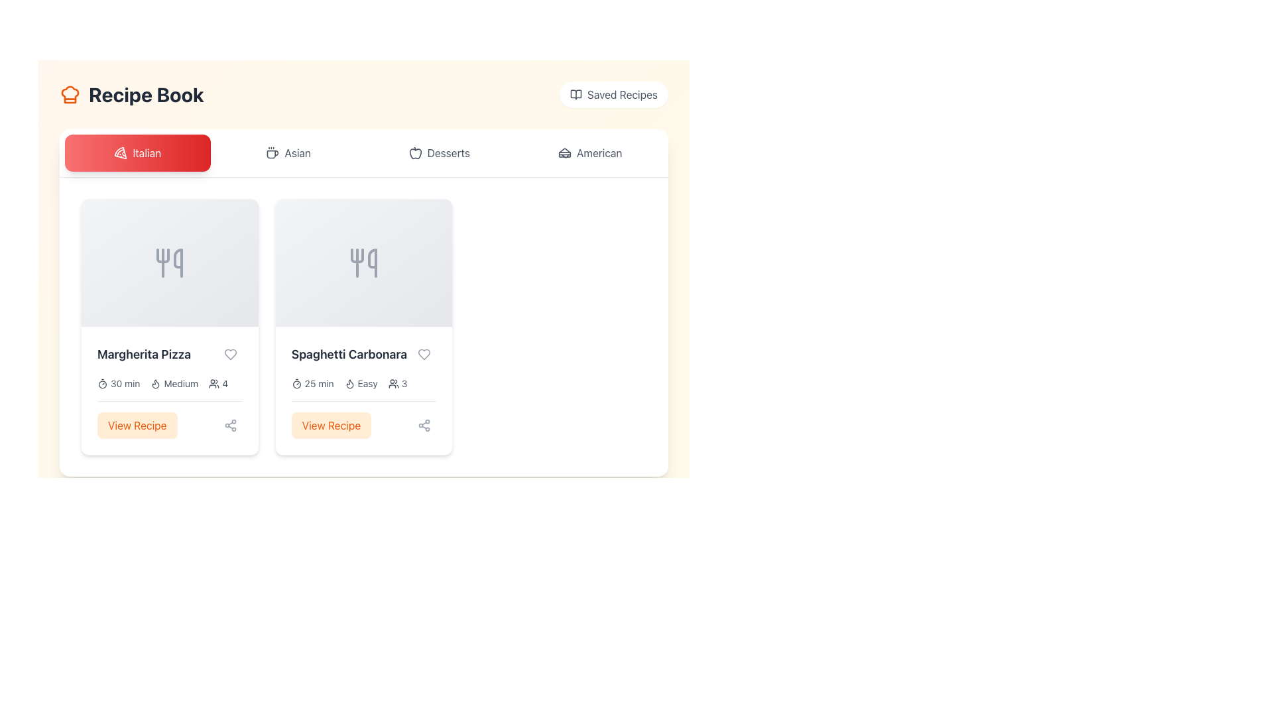 The width and height of the screenshot is (1273, 716). What do you see at coordinates (69, 93) in the screenshot?
I see `the small chef's hat icon with an orange fill located in the header section, to the left of the 'Recipe Book' text` at bounding box center [69, 93].